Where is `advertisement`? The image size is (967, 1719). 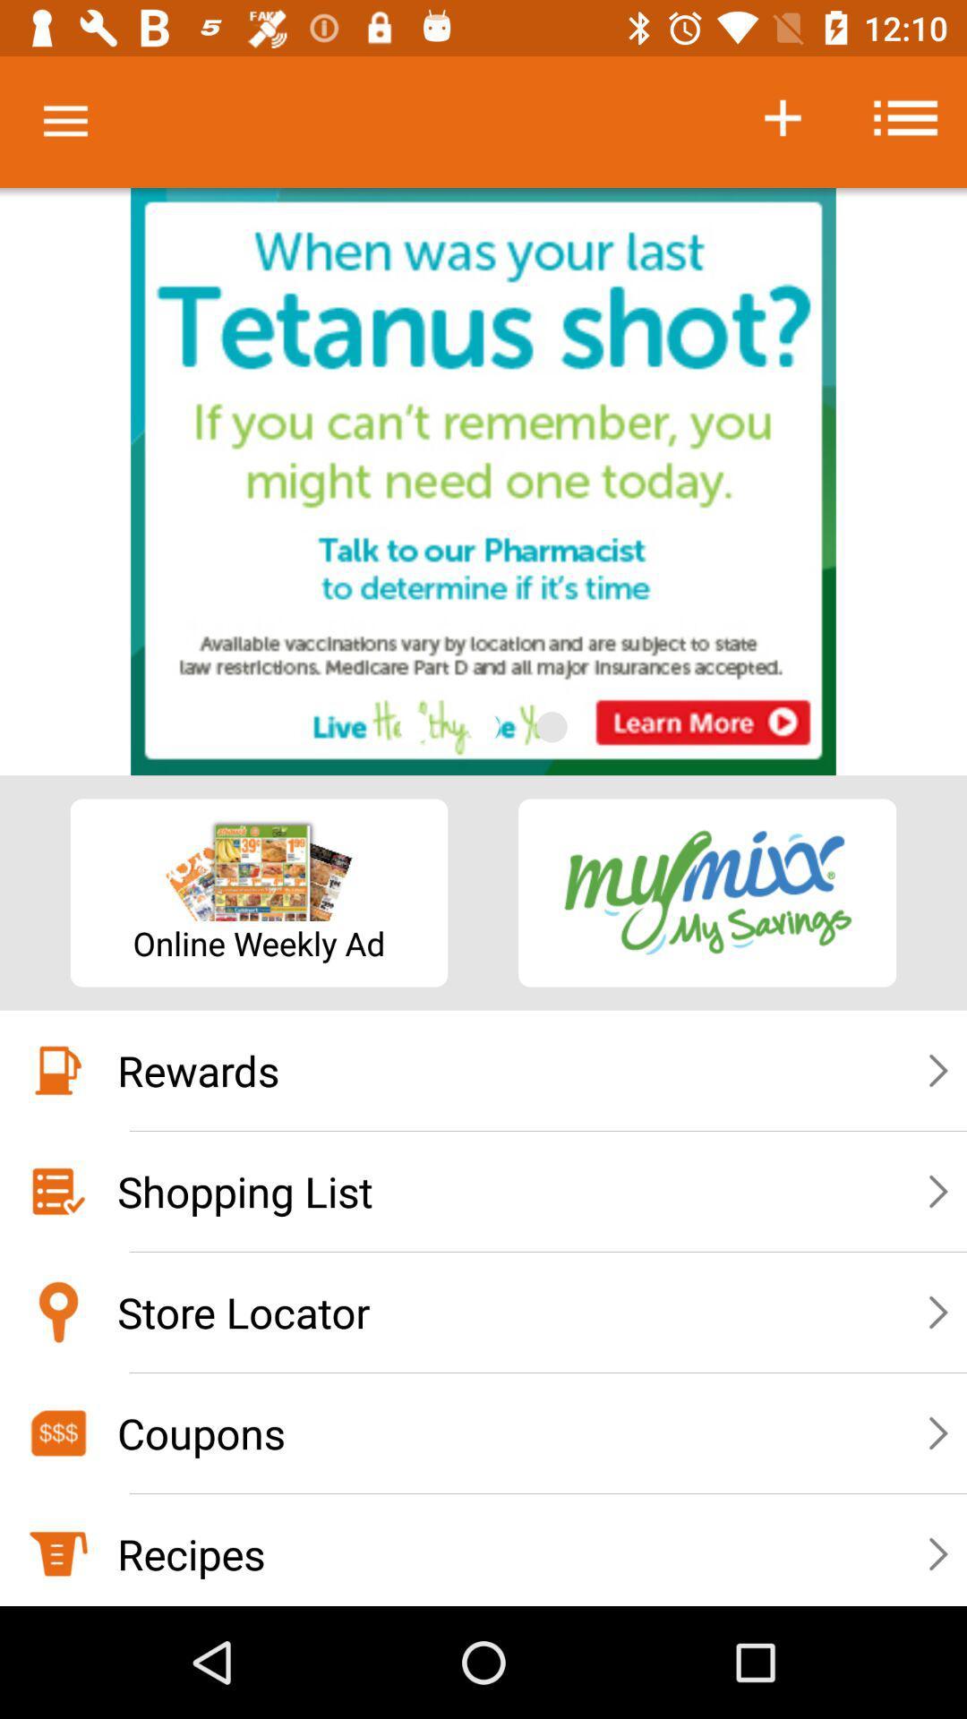
advertisement is located at coordinates (483, 482).